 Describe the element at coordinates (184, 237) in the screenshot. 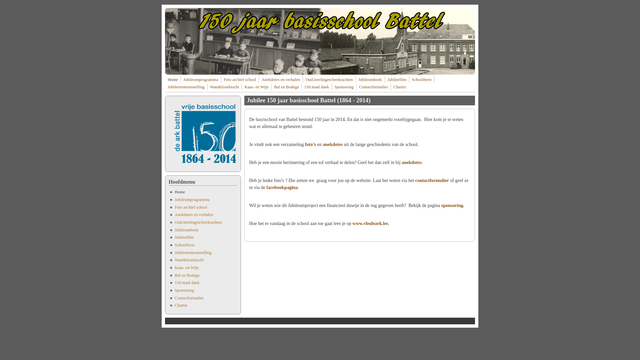

I see `'Jubileefilm'` at that location.